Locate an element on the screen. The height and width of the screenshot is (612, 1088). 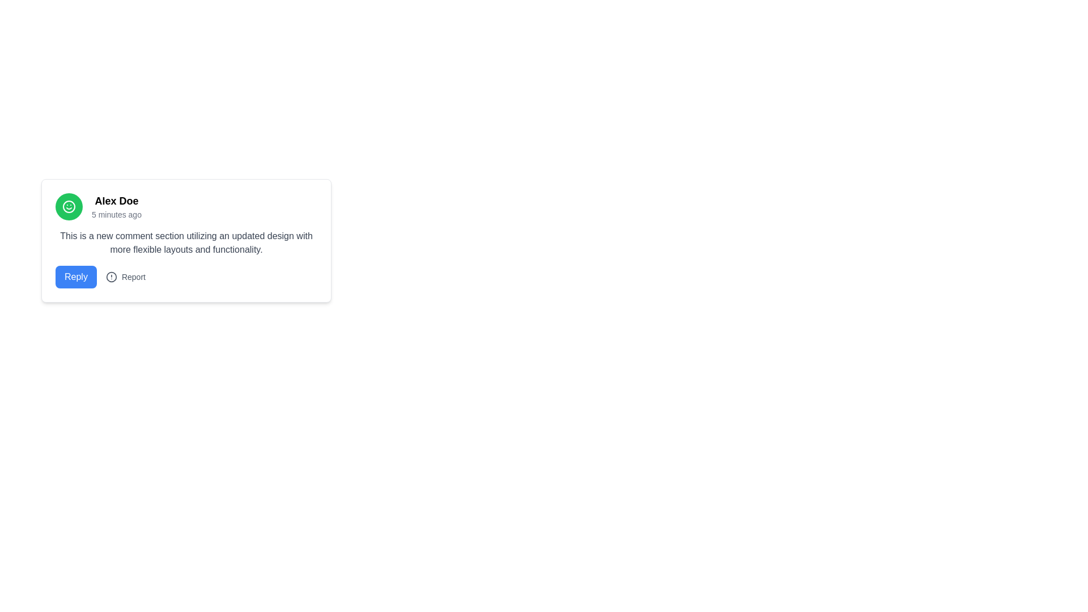
the 'Reply' button with a blue background and white text is located at coordinates (75, 277).